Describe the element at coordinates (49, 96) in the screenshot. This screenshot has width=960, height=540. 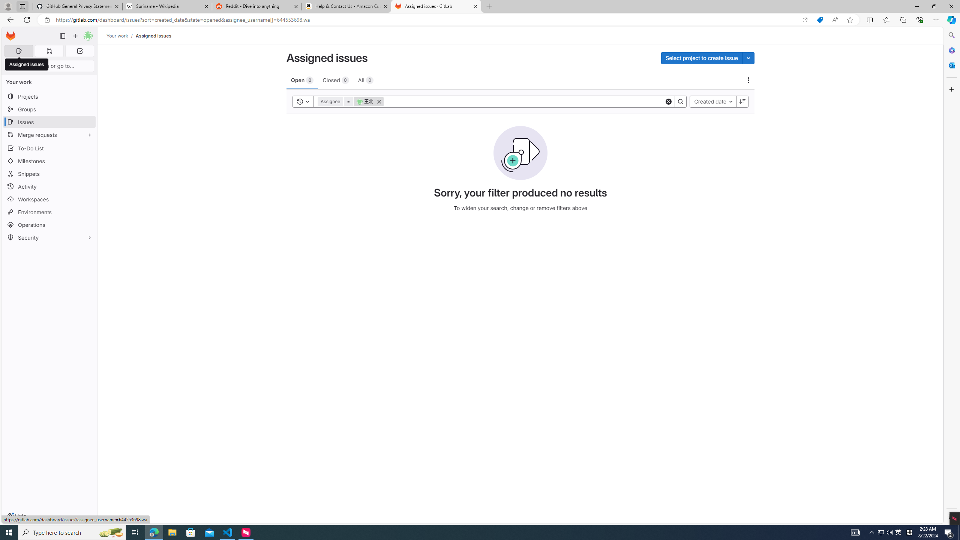
I see `'Projects'` at that location.